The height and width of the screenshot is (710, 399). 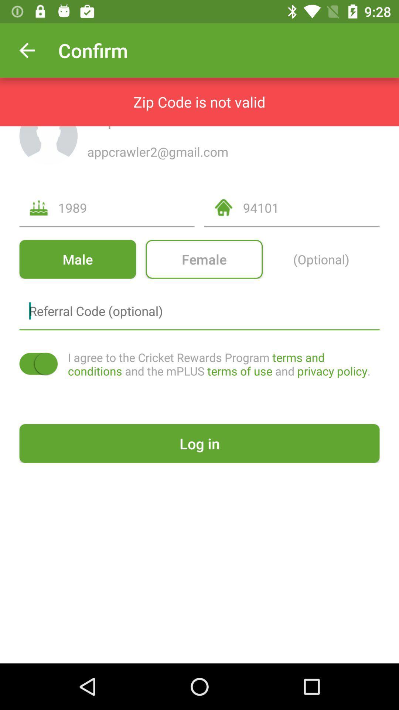 What do you see at coordinates (27, 50) in the screenshot?
I see `item to the left of confirm icon` at bounding box center [27, 50].